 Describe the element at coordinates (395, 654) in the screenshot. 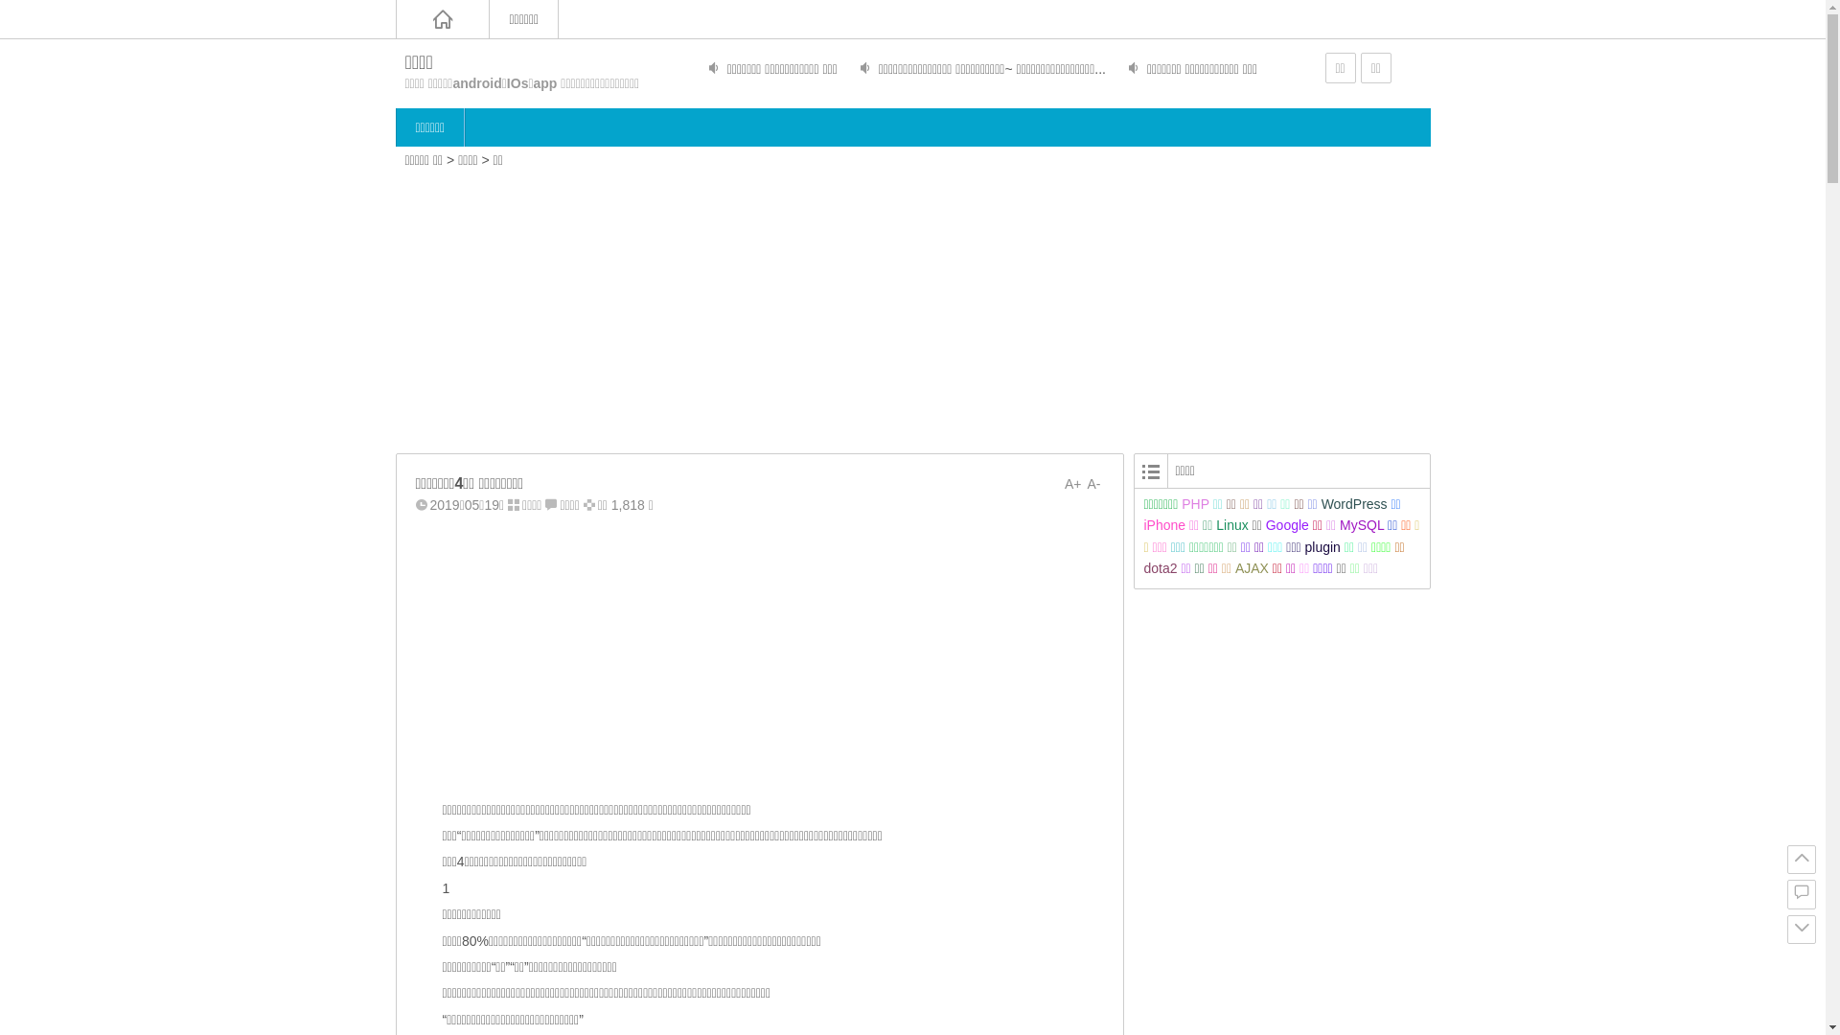

I see `'Advertisement'` at that location.